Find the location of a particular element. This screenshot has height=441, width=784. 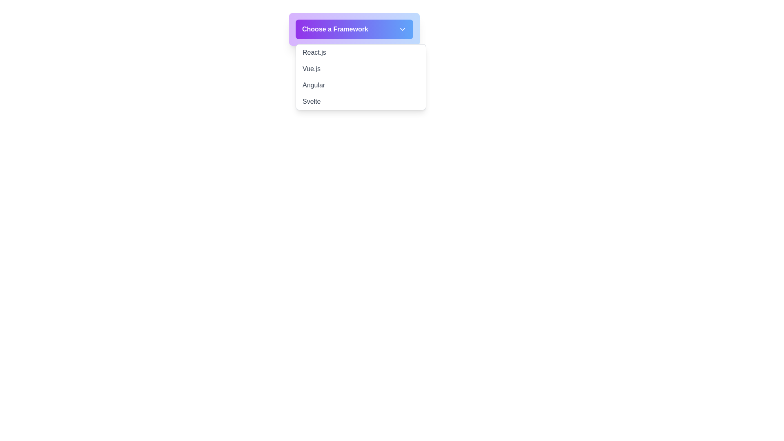

to select the 'Angular' option from the dropdown menu list item, which is the third item under 'Choose a Framework' is located at coordinates (360, 85).